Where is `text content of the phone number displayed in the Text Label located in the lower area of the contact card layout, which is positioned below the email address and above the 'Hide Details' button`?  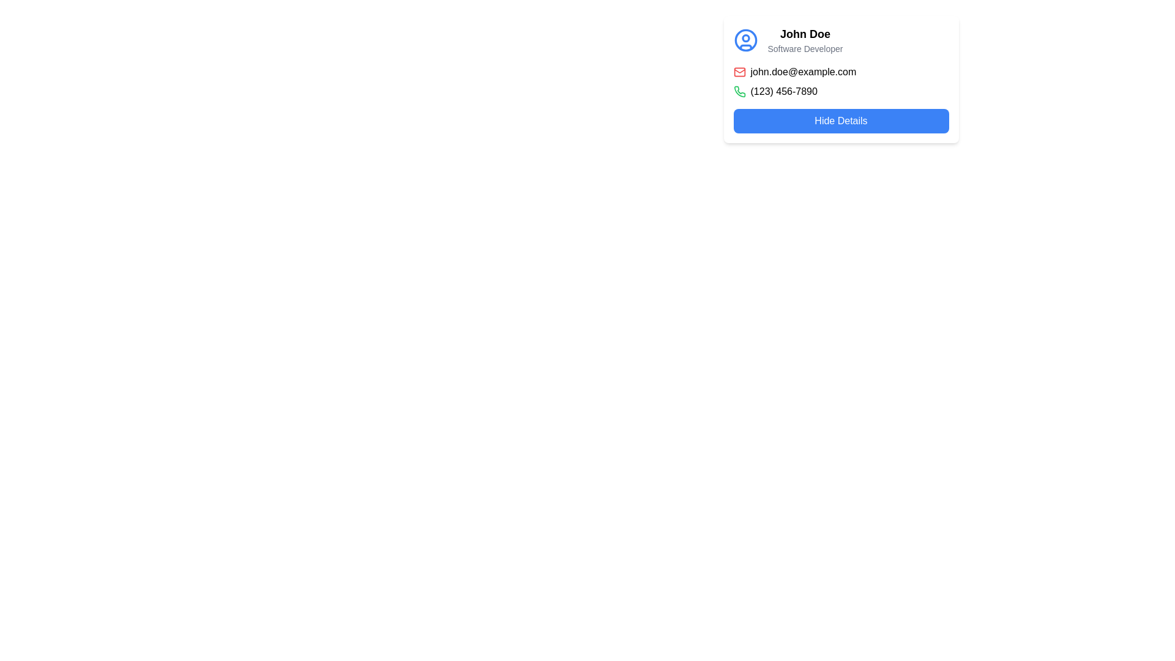 text content of the phone number displayed in the Text Label located in the lower area of the contact card layout, which is positioned below the email address and above the 'Hide Details' button is located at coordinates (784, 91).